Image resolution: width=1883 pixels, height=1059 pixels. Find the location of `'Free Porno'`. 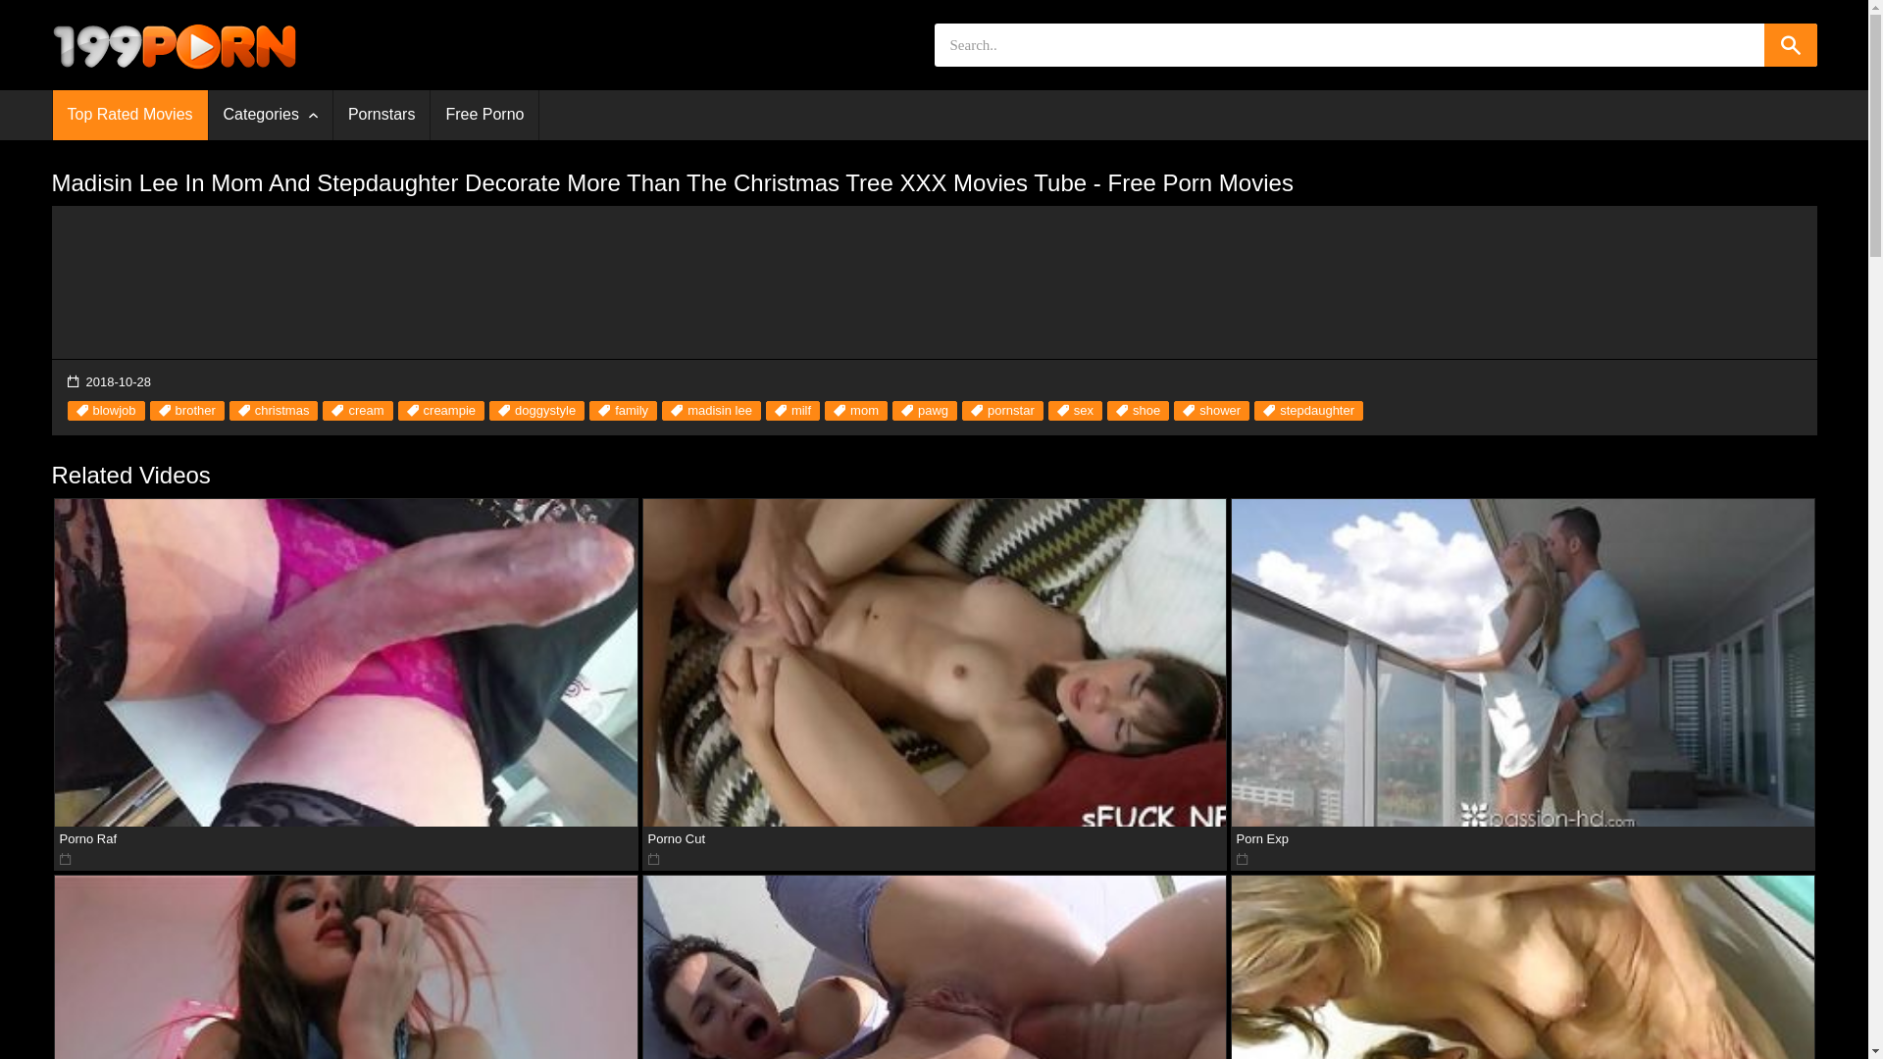

'Free Porno' is located at coordinates (429, 115).